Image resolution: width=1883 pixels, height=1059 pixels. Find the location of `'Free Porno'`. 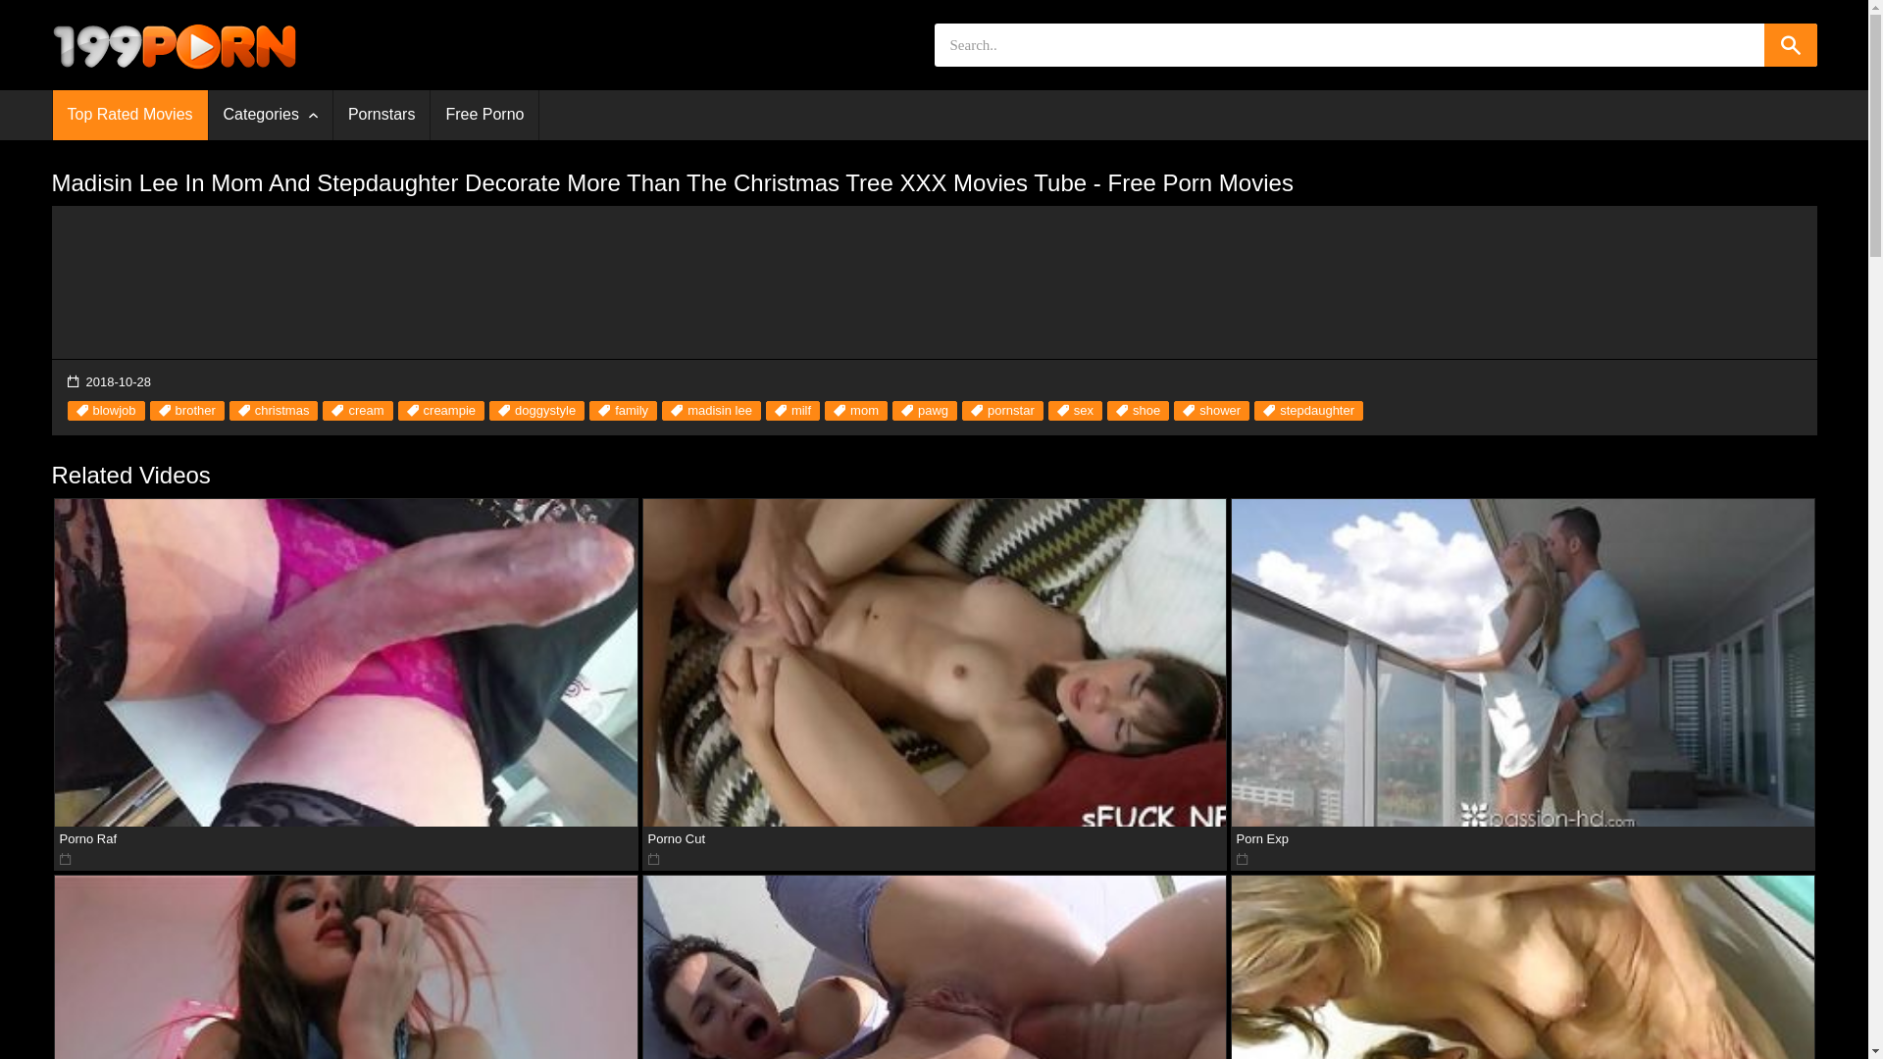

'Free Porno' is located at coordinates (429, 115).